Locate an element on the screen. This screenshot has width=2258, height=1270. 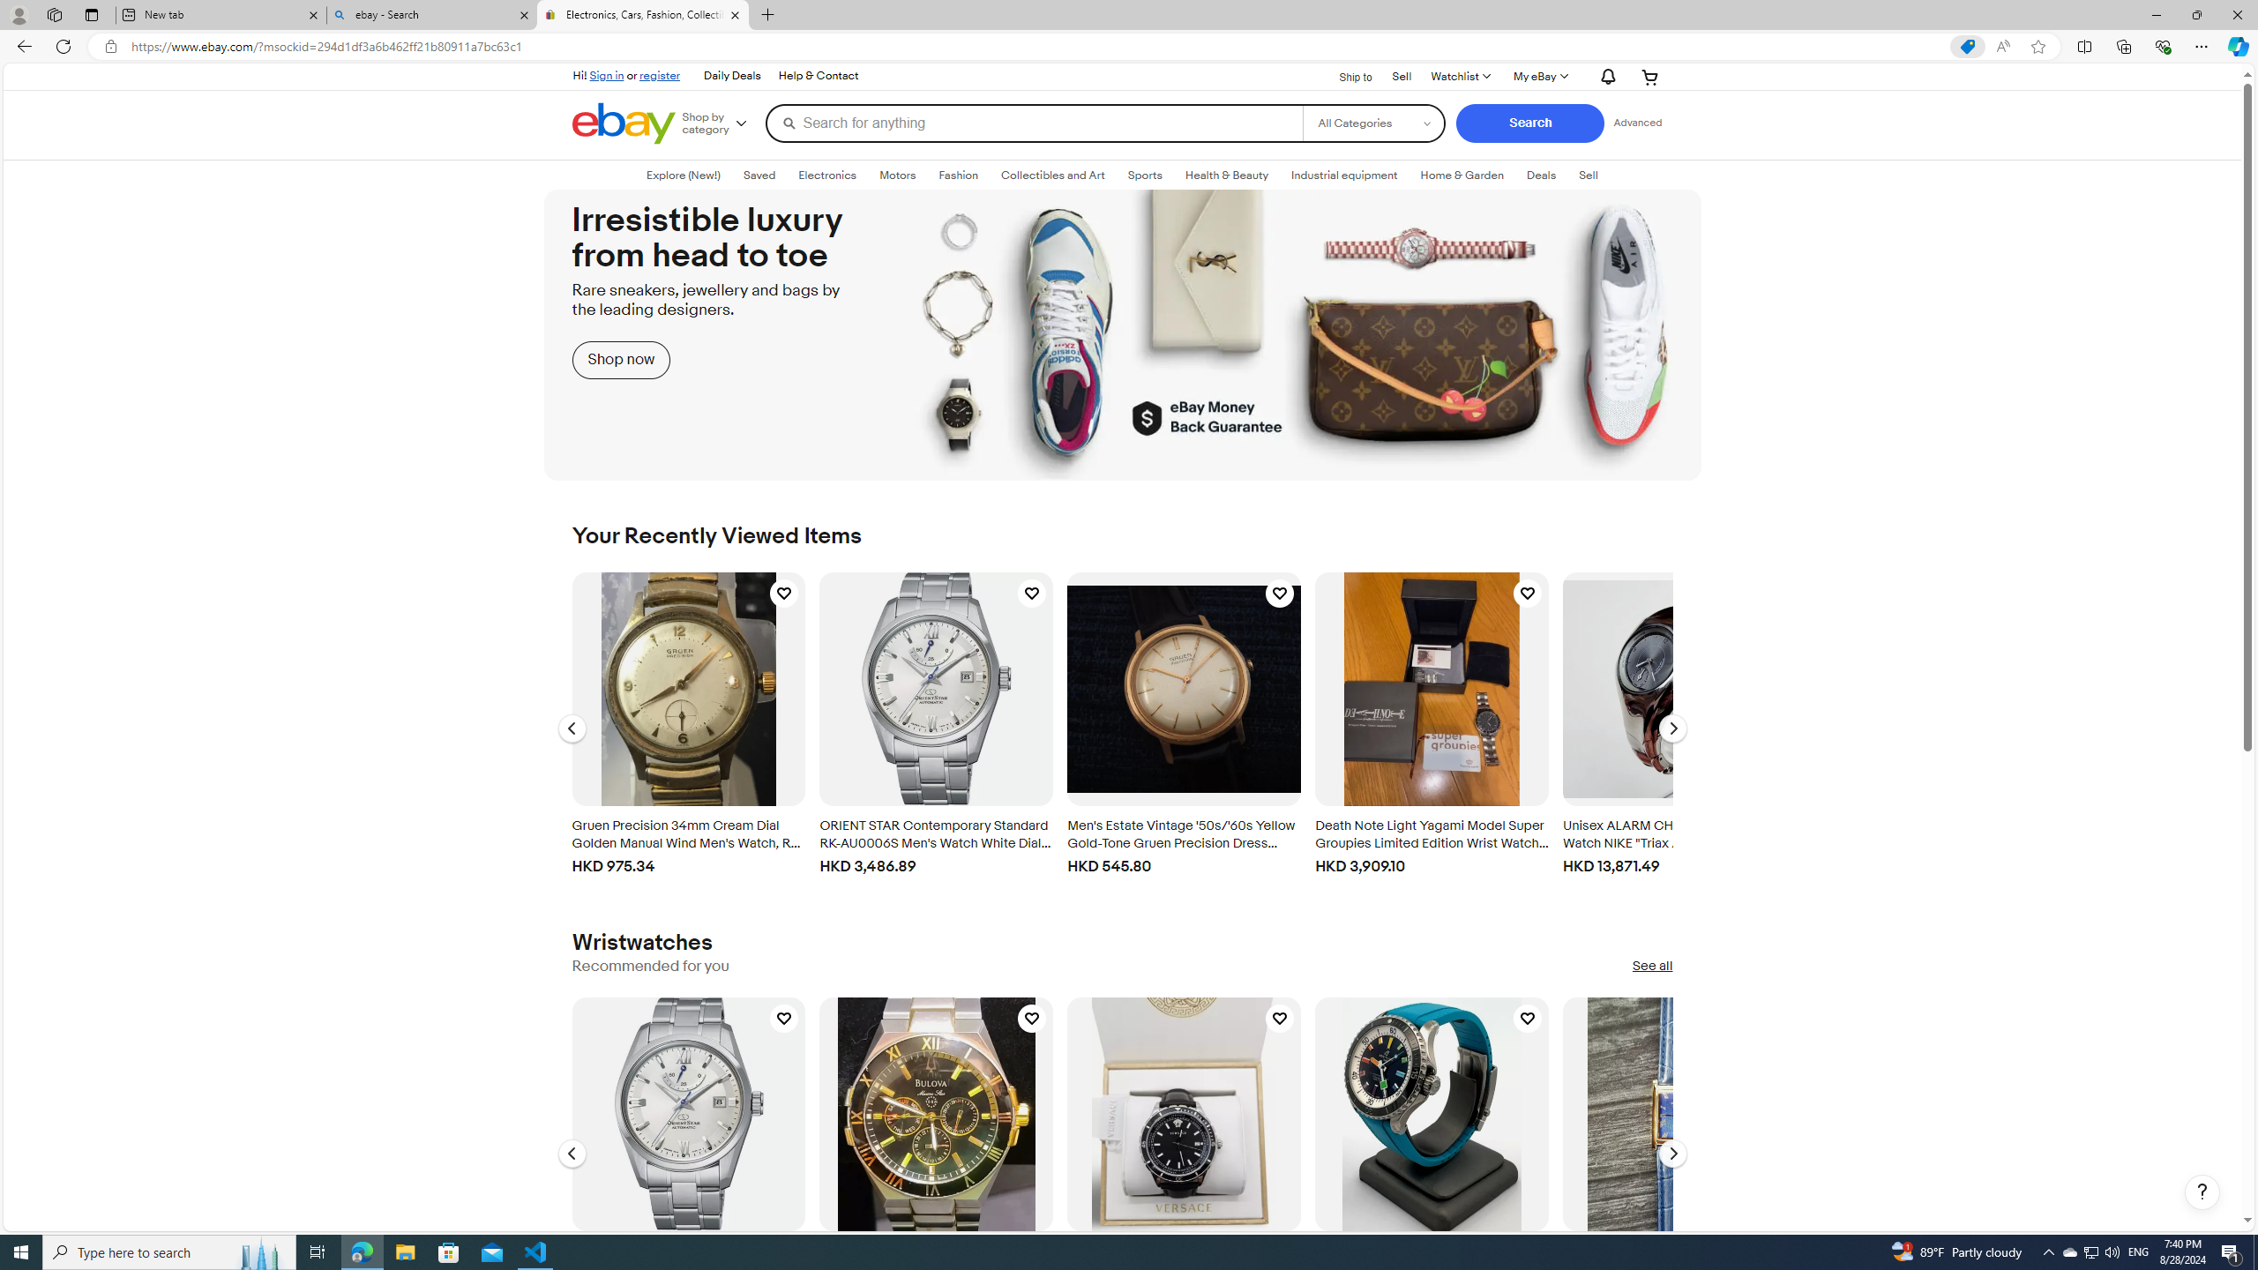
'Class: vl-flyout-nav__js-tab vl-flyout-nav__no-sub' is located at coordinates (1542, 175).